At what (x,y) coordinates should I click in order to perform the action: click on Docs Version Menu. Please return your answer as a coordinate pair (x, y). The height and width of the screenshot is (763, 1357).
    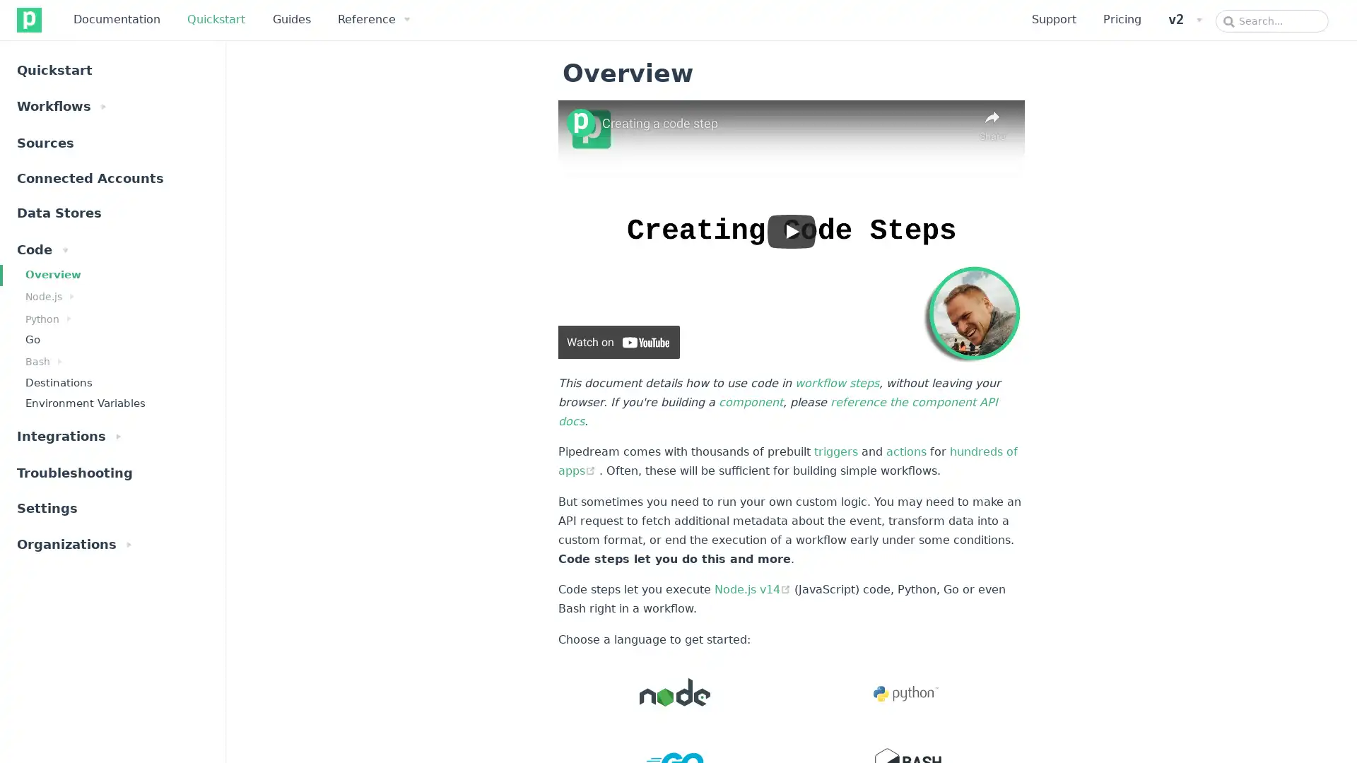
    Looking at the image, I should click on (1185, 19).